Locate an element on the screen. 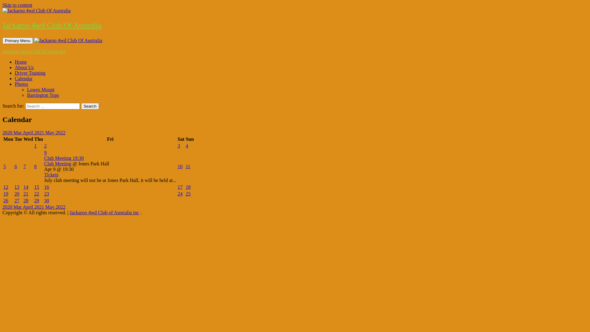 This screenshot has width=590, height=332. 'Lowes Mount' is located at coordinates (26, 89).